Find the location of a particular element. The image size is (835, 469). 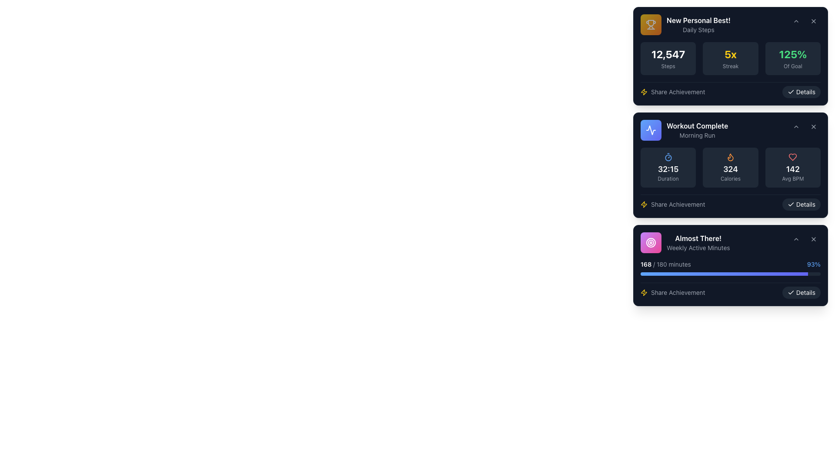

the text label displaying 'New Personal Best!' which is prominently positioned in the upper-left corner of its enclosing rectangular card element is located at coordinates (698, 20).